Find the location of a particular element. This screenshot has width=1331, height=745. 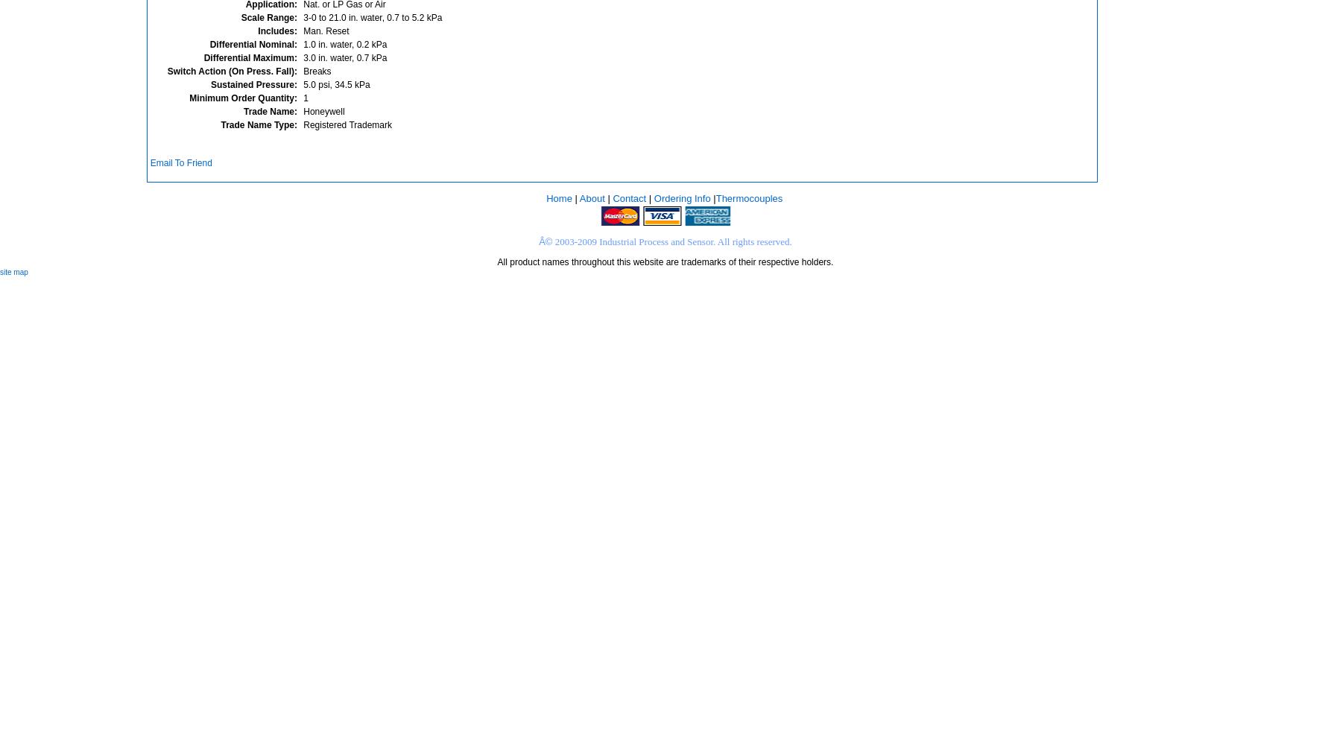

'Switch Action (On Press. Fall):' is located at coordinates (232, 70).